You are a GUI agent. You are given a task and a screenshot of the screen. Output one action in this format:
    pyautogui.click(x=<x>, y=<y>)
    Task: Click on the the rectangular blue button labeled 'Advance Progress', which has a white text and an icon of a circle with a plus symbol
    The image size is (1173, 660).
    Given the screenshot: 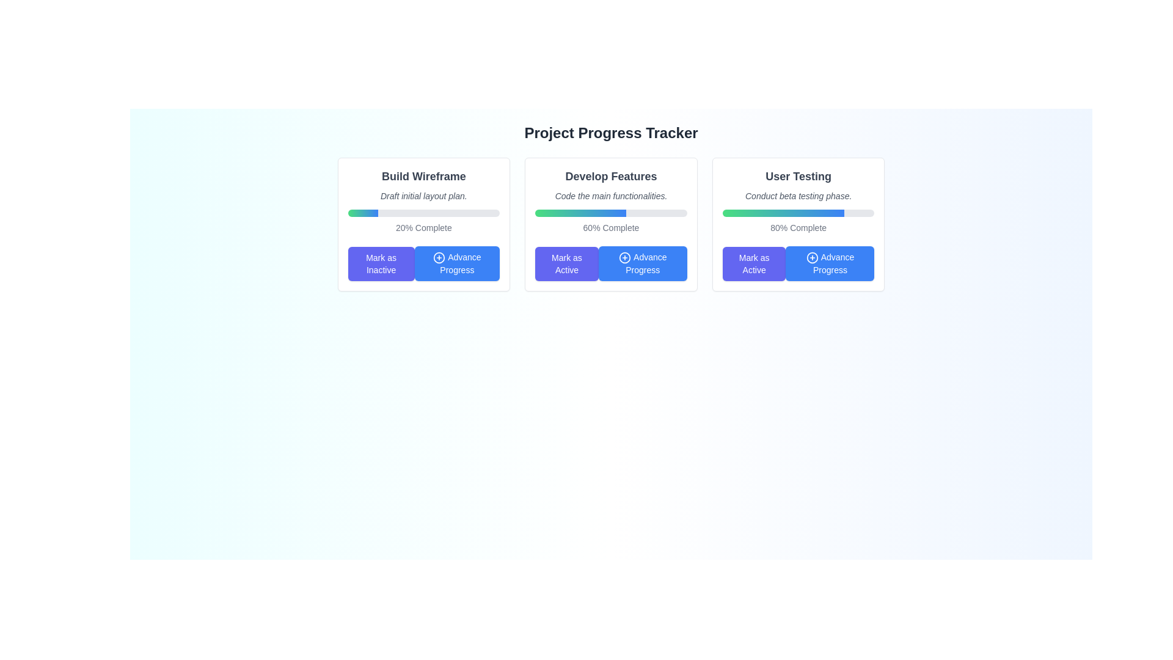 What is the action you would take?
    pyautogui.click(x=456, y=263)
    